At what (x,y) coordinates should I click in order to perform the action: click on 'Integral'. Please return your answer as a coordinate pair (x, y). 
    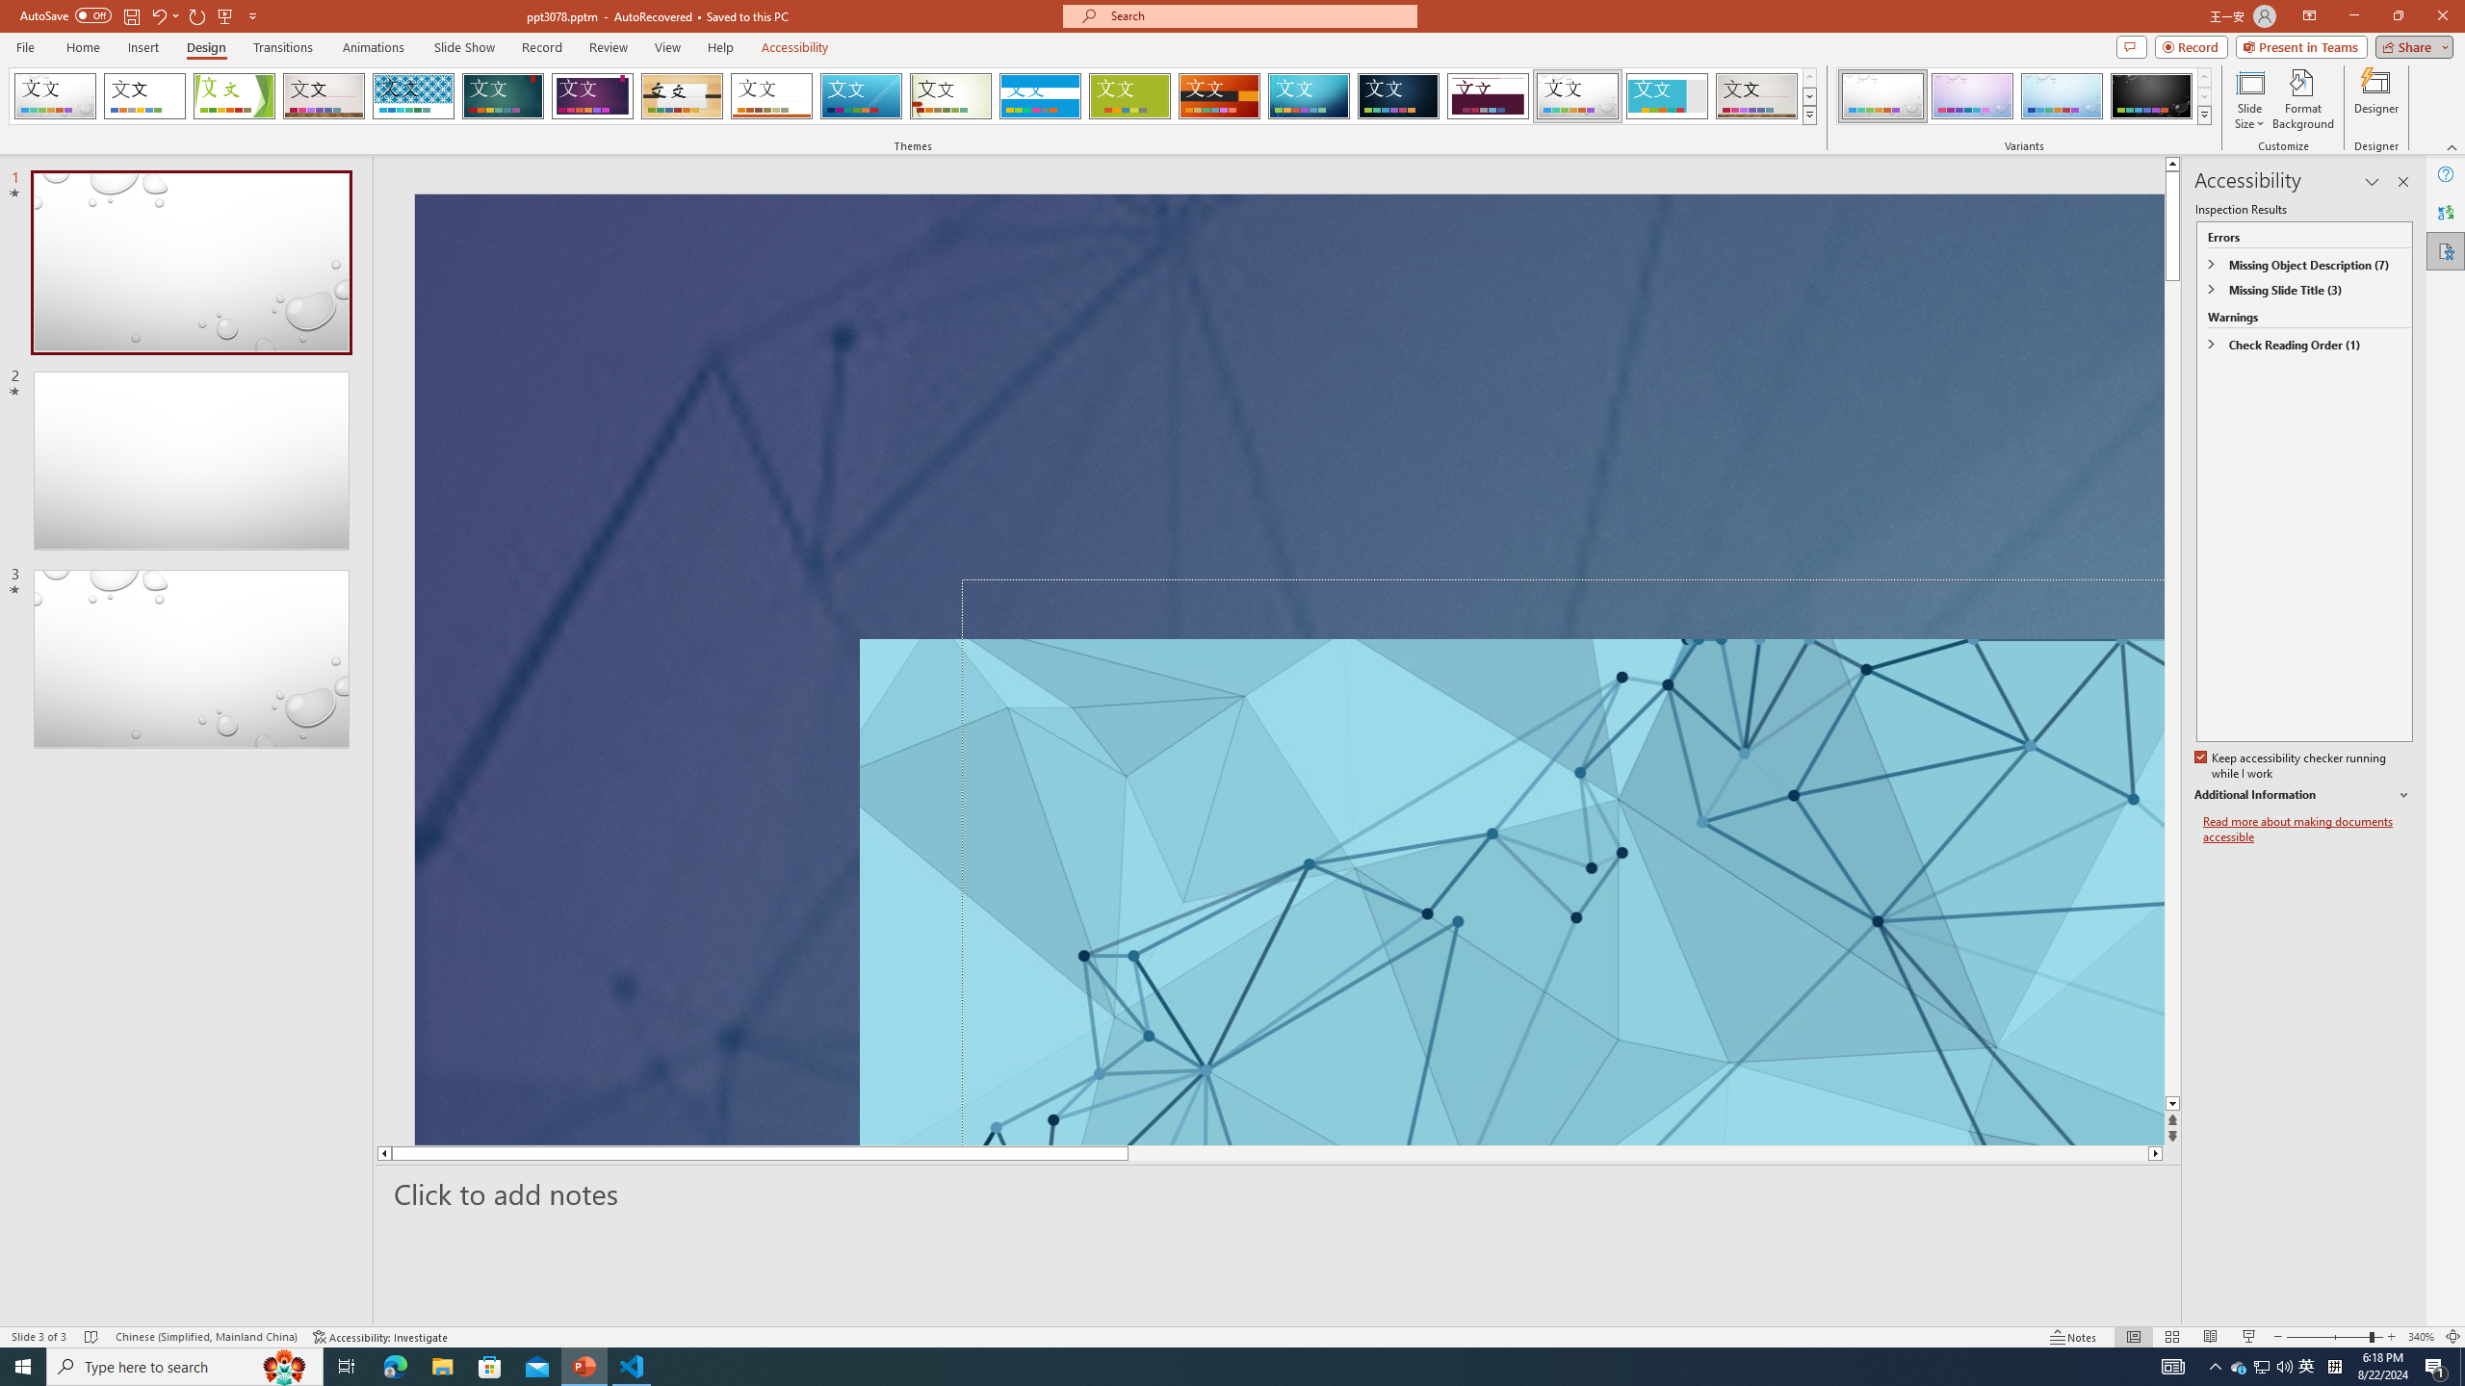
    Looking at the image, I should click on (413, 95).